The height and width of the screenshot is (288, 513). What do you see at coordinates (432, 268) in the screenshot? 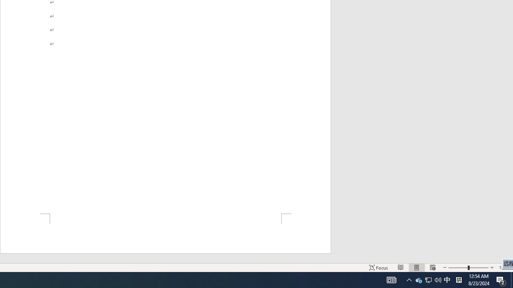
I see `'Web Layout'` at bounding box center [432, 268].